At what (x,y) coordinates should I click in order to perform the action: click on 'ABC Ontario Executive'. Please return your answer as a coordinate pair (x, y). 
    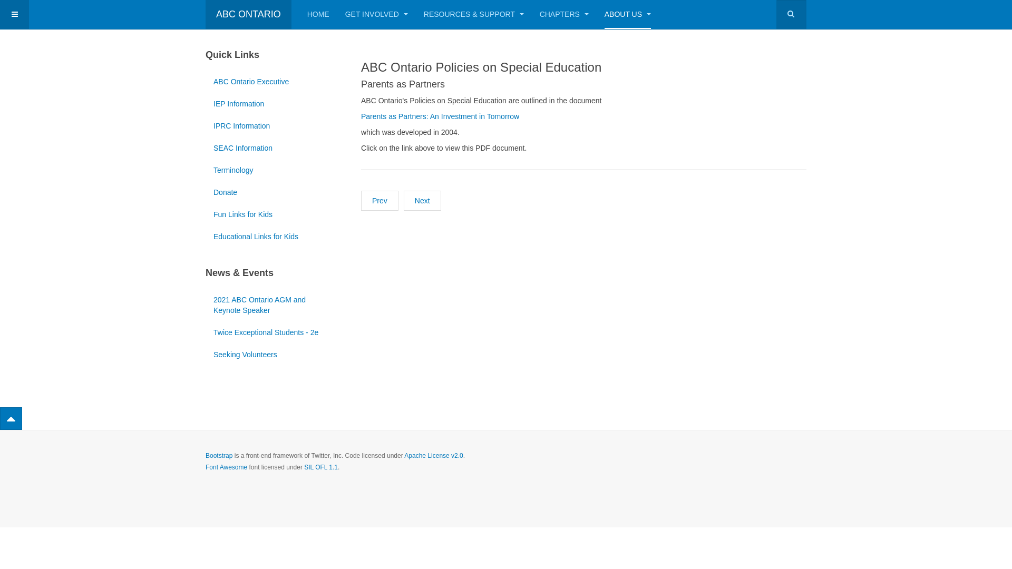
    Looking at the image, I should click on (205, 81).